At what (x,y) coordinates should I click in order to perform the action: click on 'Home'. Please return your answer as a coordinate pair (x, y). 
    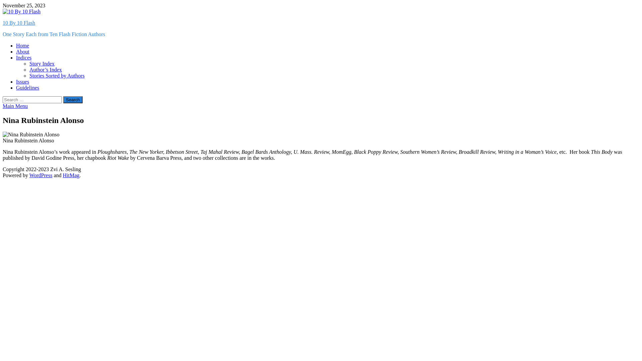
    Looking at the image, I should click on (22, 45).